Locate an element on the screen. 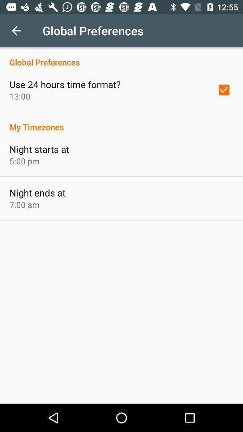 The height and width of the screenshot is (432, 243). icon to the right of use 24 hours item is located at coordinates (223, 90).